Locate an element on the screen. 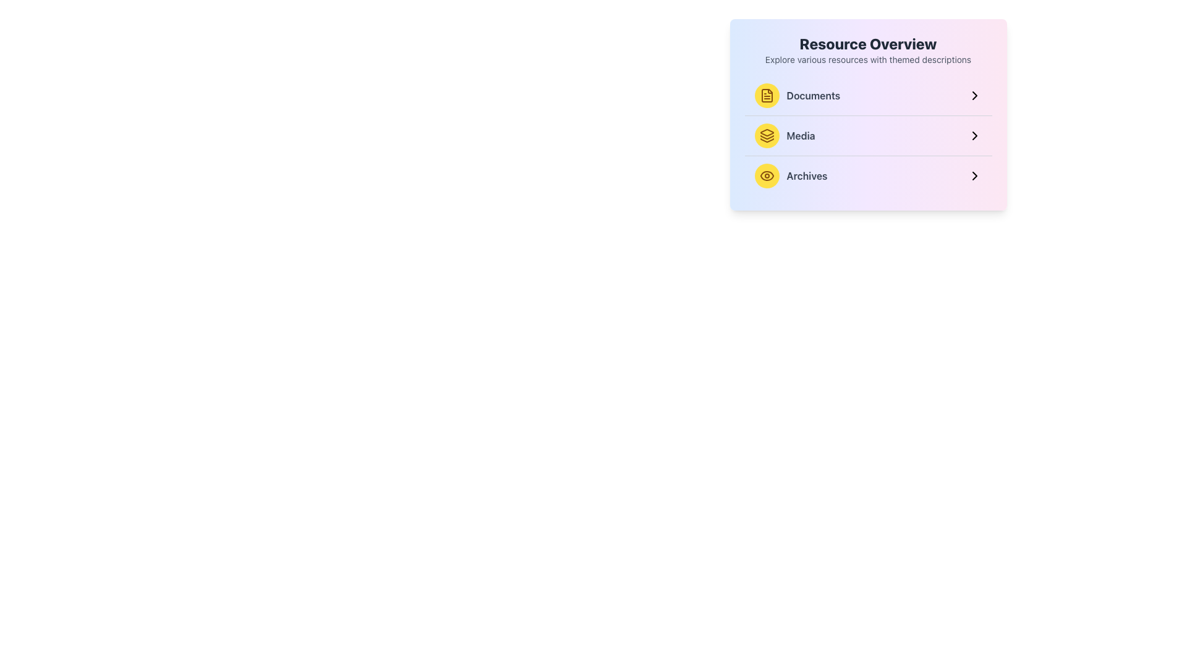 The width and height of the screenshot is (1187, 667). the 'Media' list item in the 'Resource Overview' section is located at coordinates (867, 135).